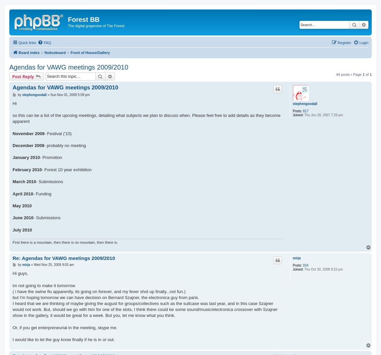  I want to click on 'Noticeboard', so click(44, 52).